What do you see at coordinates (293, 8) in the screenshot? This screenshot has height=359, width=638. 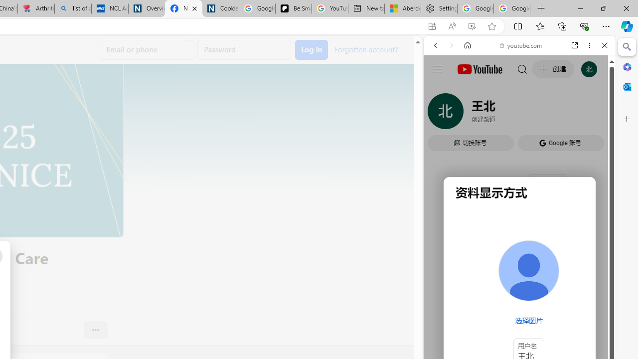 I see `'Be Smart | creating Science videos | Patreon'` at bounding box center [293, 8].